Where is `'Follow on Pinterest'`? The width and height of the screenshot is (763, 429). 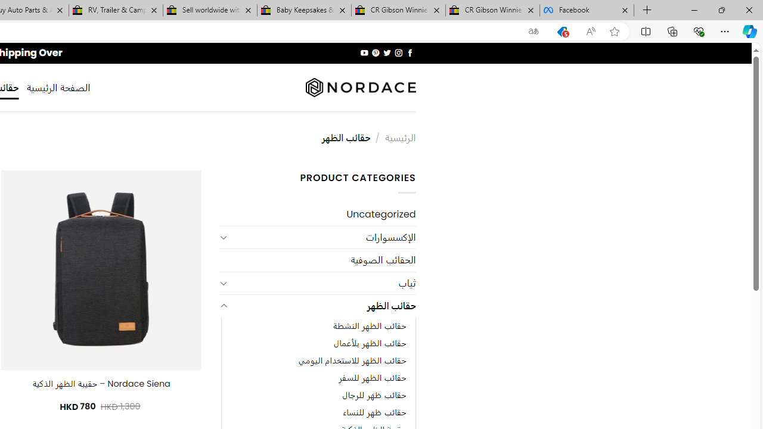
'Follow on Pinterest' is located at coordinates (376, 52).